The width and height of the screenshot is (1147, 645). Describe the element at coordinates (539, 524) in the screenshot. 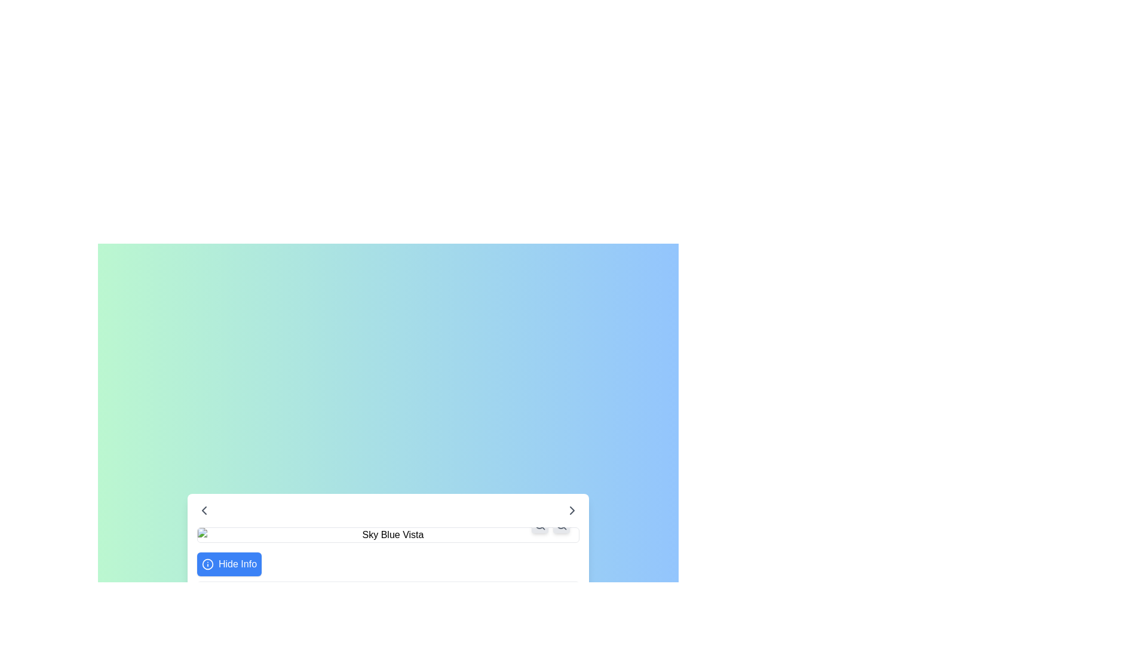

I see `the small circular icon with a magnifying glass and minus symbol in the top-right corner of the toolbar labeled 'Sky Blue Vista'` at that location.